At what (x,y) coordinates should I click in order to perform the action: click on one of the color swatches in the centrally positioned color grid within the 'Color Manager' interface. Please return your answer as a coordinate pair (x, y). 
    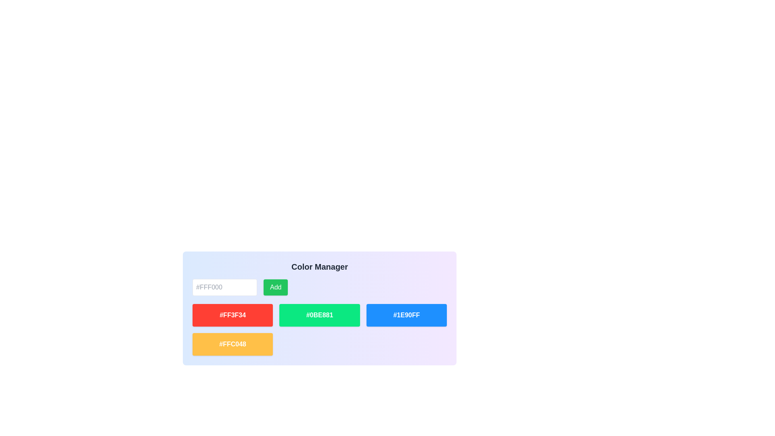
    Looking at the image, I should click on (319, 330).